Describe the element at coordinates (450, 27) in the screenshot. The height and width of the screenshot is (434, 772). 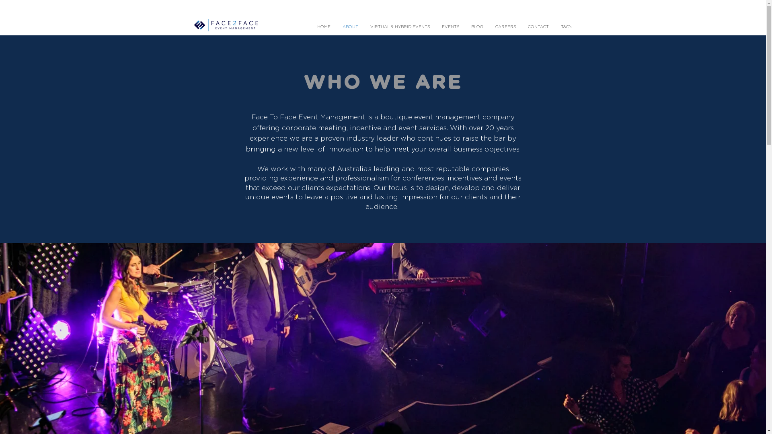
I see `'EVENTS'` at that location.